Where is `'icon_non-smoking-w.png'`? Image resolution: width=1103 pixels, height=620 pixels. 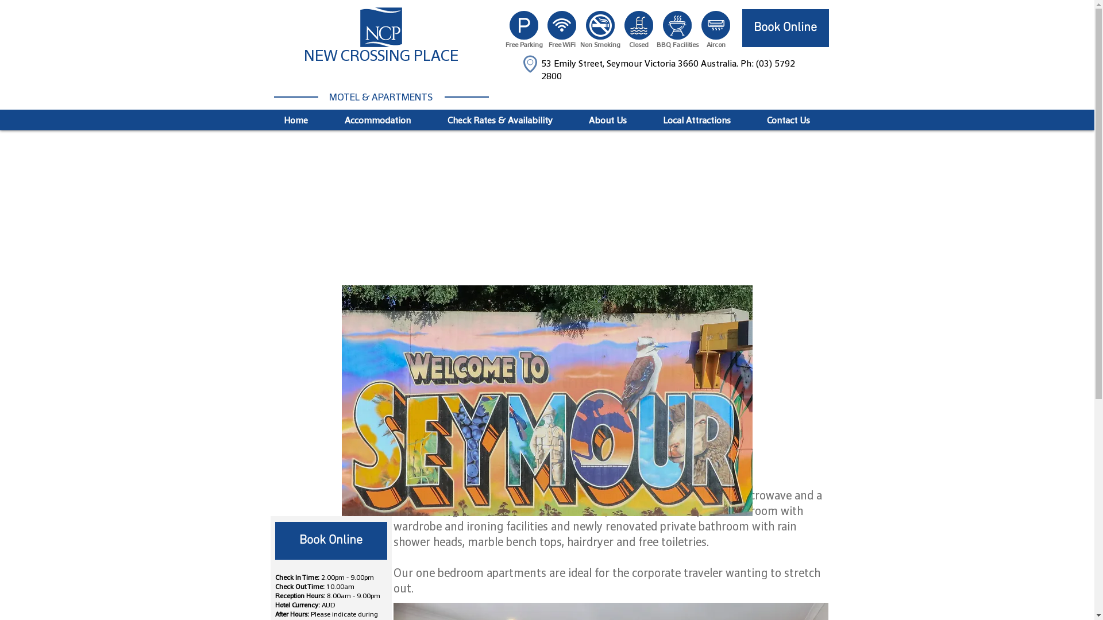 'icon_non-smoking-w.png' is located at coordinates (585, 25).